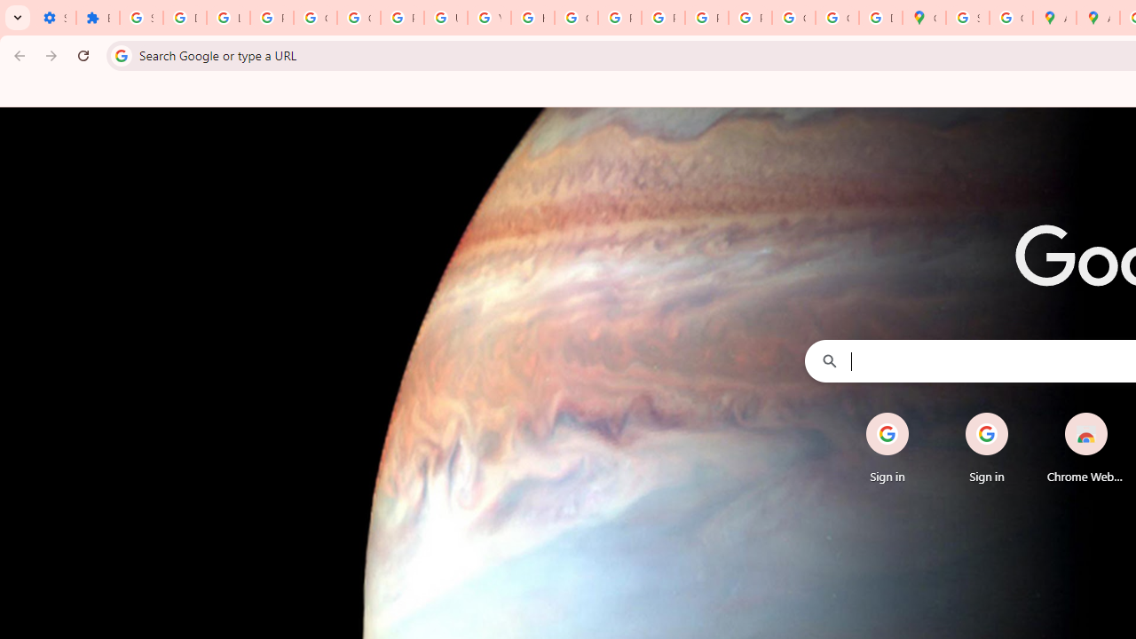 The height and width of the screenshot is (639, 1136). I want to click on 'YouTube', so click(489, 18).